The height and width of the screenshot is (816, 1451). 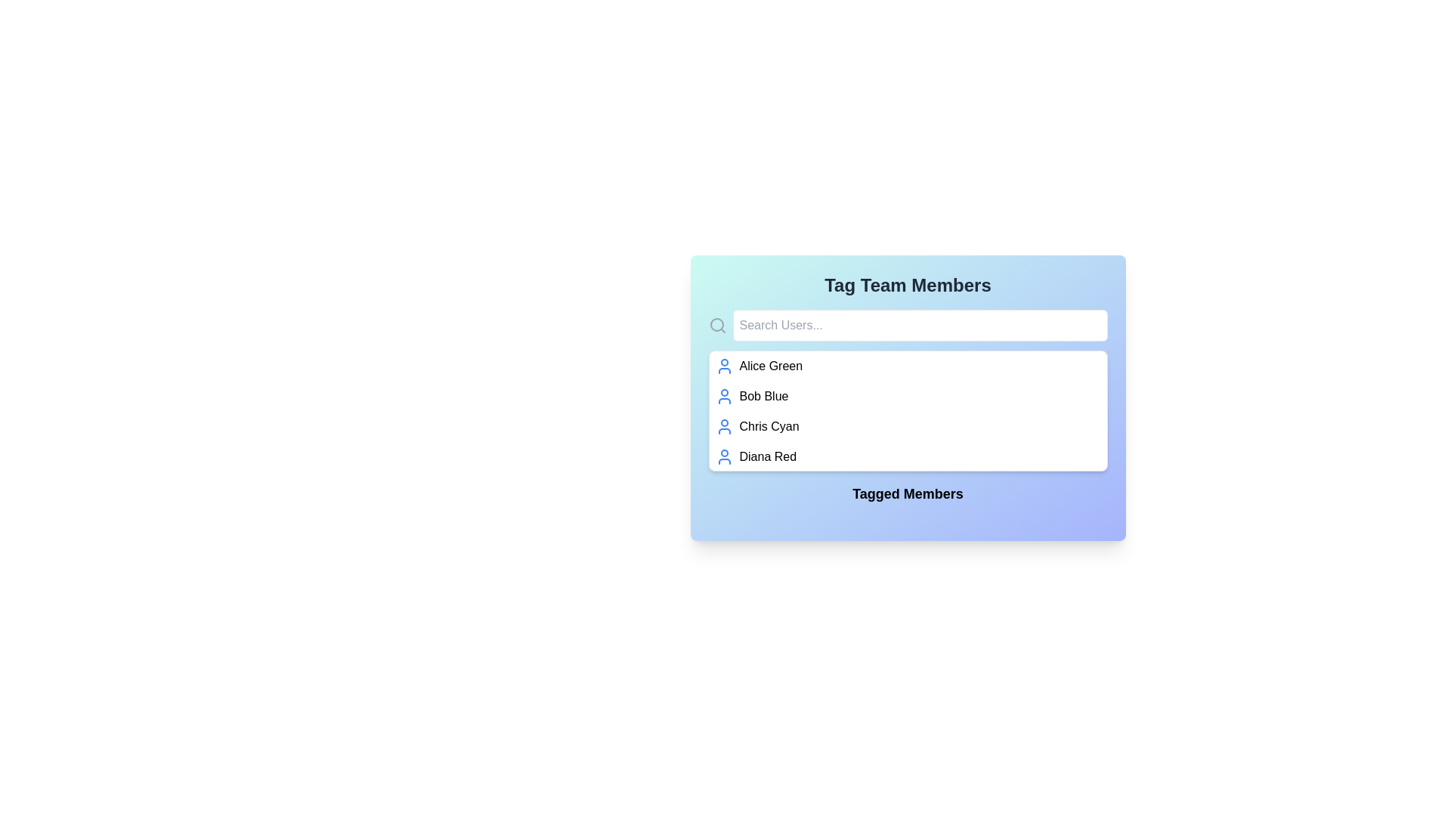 I want to click on the 'Tagged Members' header located below the list of names in the 'Tag Team Members' section, so click(x=907, y=497).